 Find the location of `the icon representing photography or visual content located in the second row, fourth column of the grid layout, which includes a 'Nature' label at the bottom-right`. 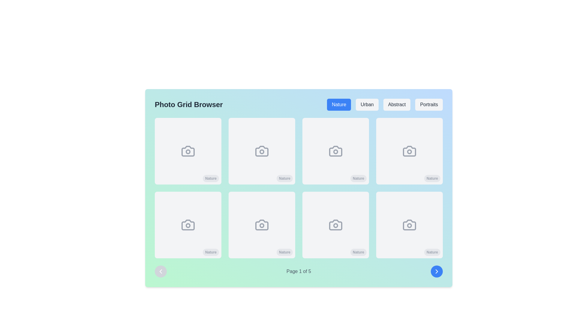

the icon representing photography or visual content located in the second row, fourth column of the grid layout, which includes a 'Nature' label at the bottom-right is located at coordinates (335, 225).